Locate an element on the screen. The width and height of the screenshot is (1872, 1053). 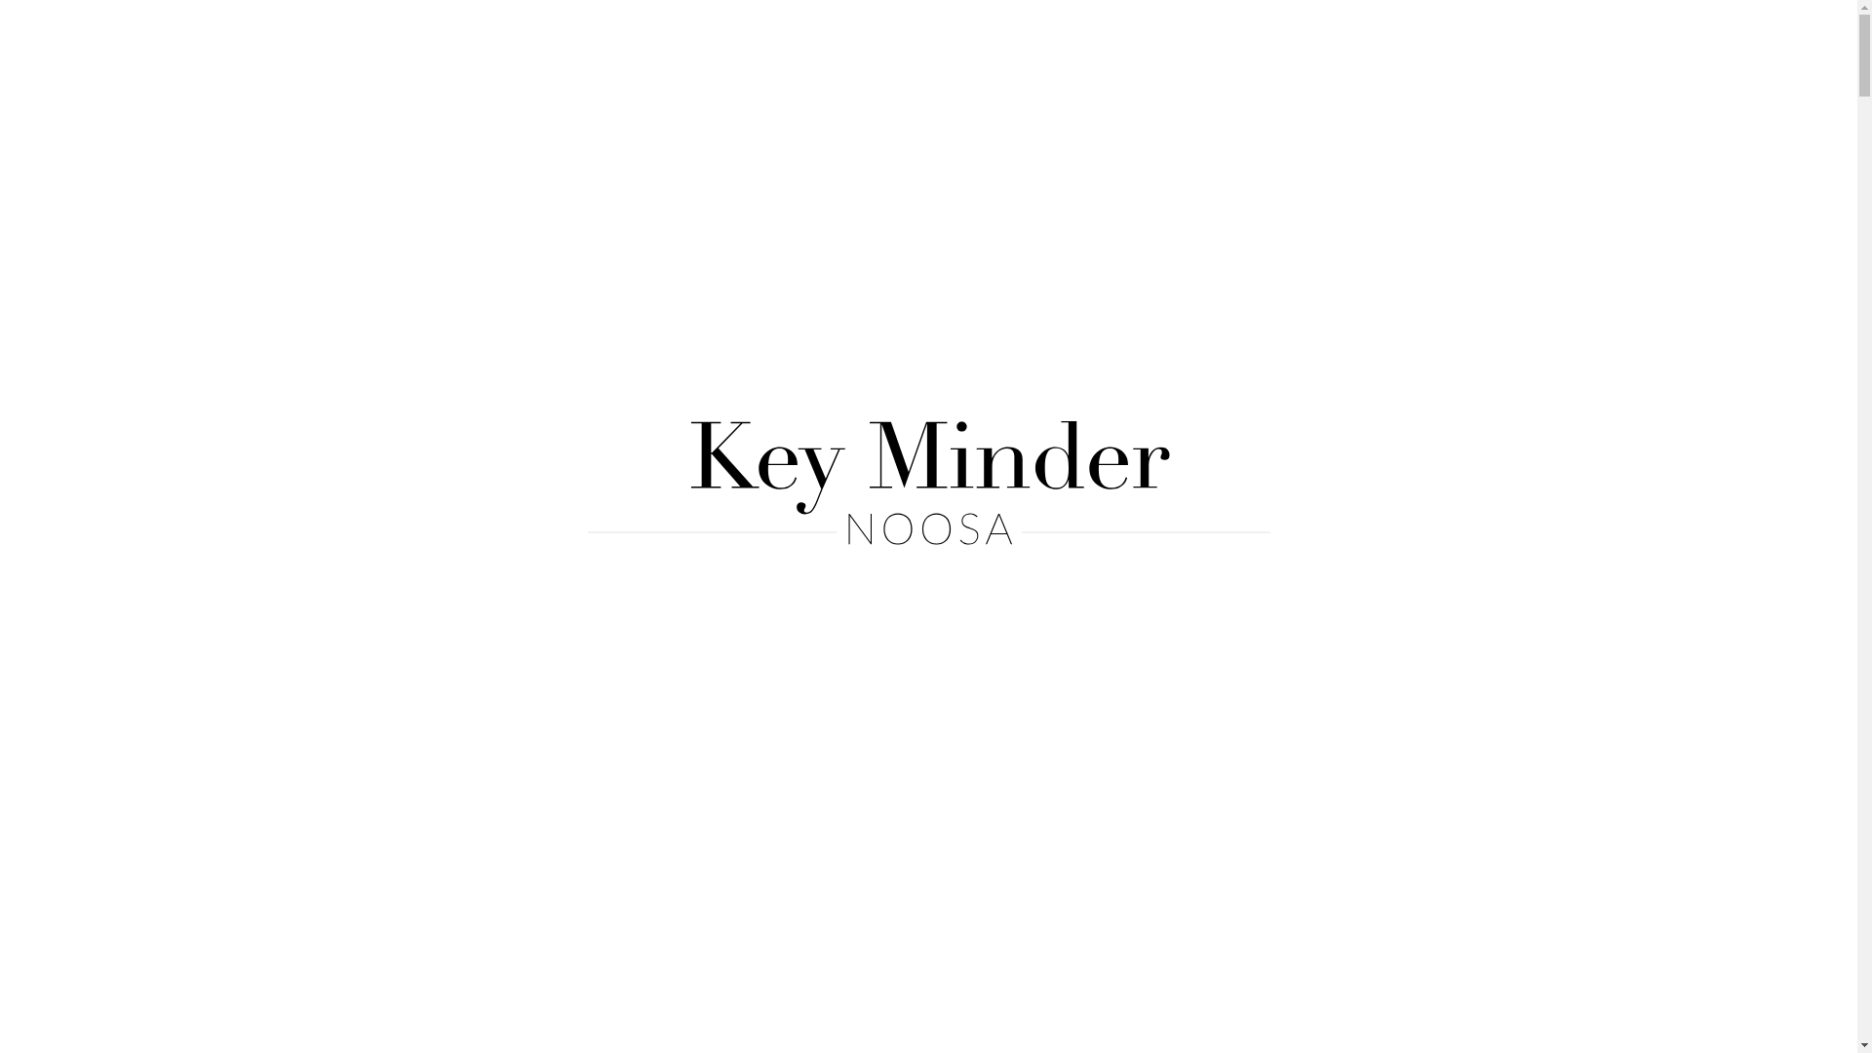
'Read More' is located at coordinates (875, 466).